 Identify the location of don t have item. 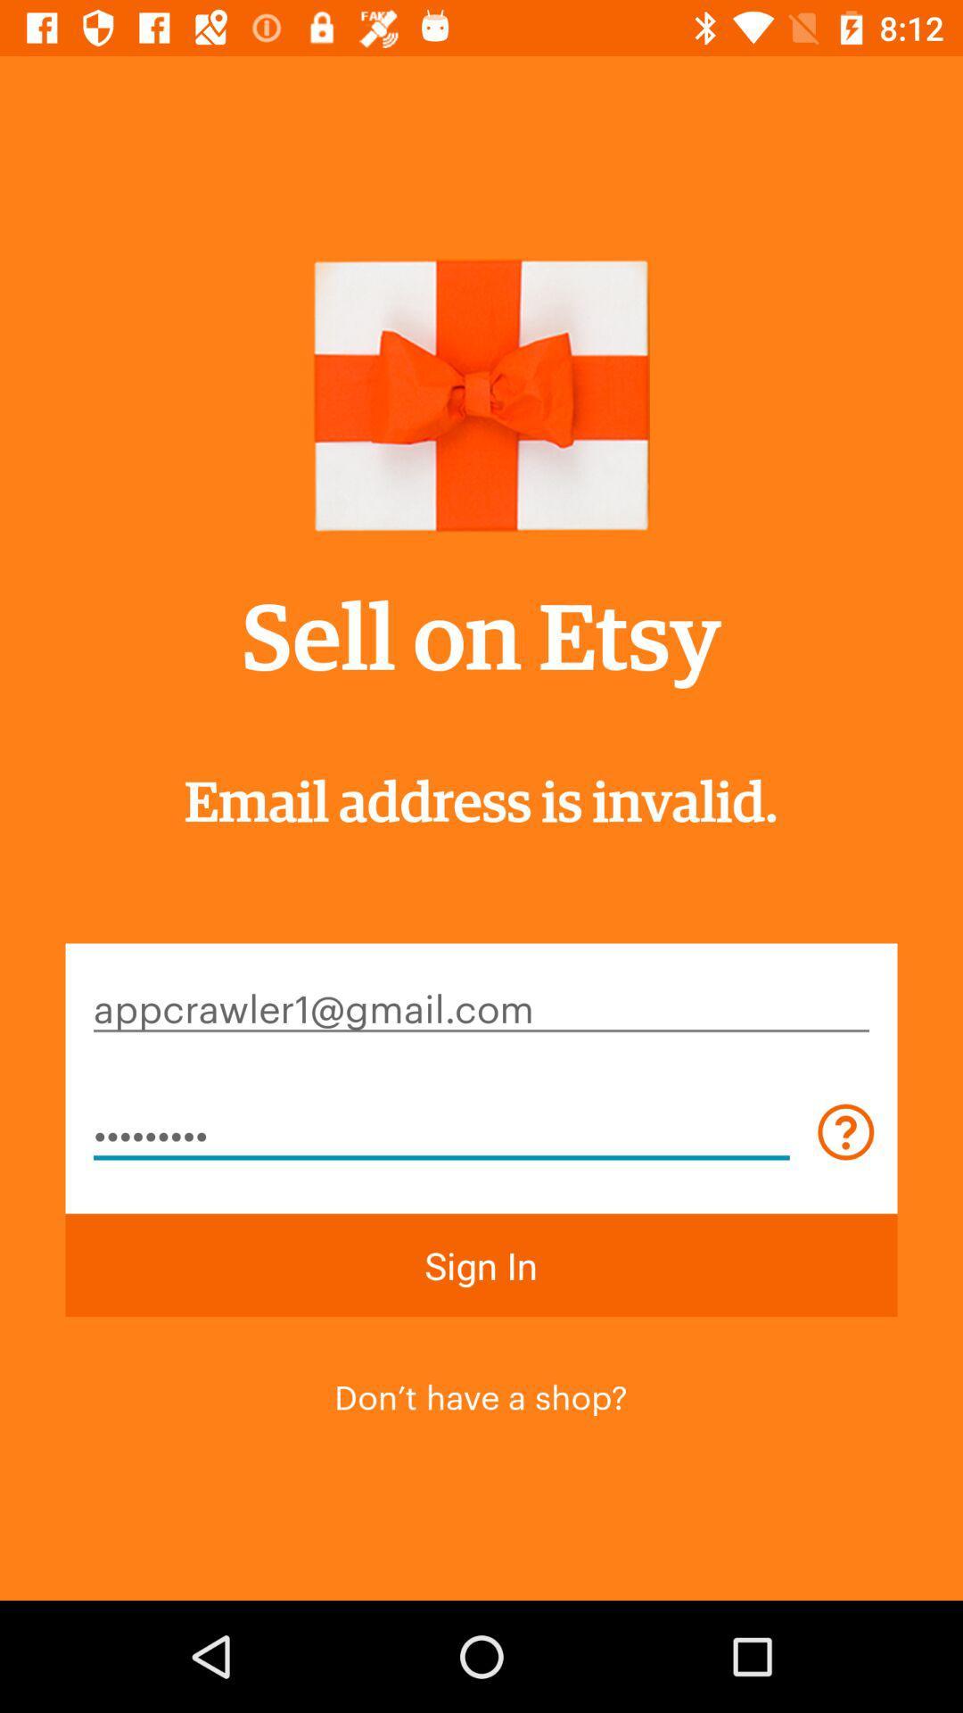
(480, 1394).